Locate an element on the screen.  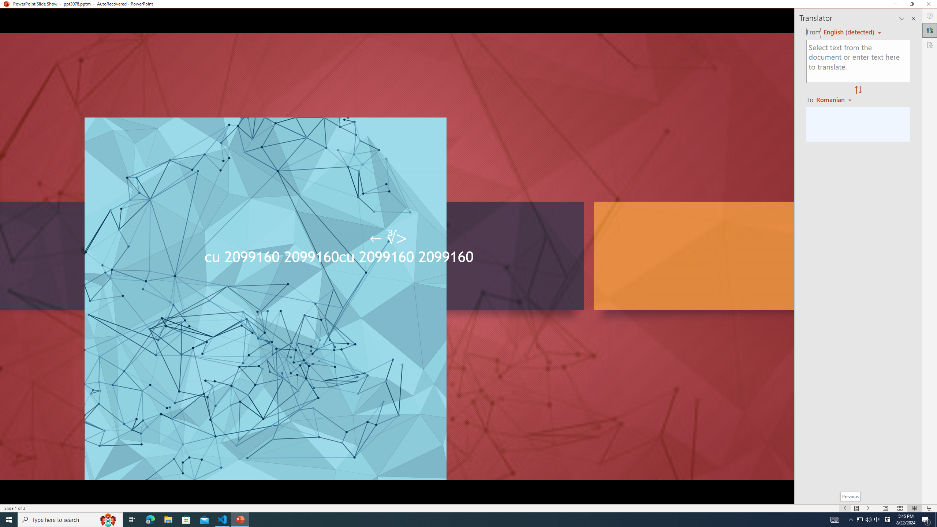
'Slide Show Previous On' is located at coordinates (845, 508).